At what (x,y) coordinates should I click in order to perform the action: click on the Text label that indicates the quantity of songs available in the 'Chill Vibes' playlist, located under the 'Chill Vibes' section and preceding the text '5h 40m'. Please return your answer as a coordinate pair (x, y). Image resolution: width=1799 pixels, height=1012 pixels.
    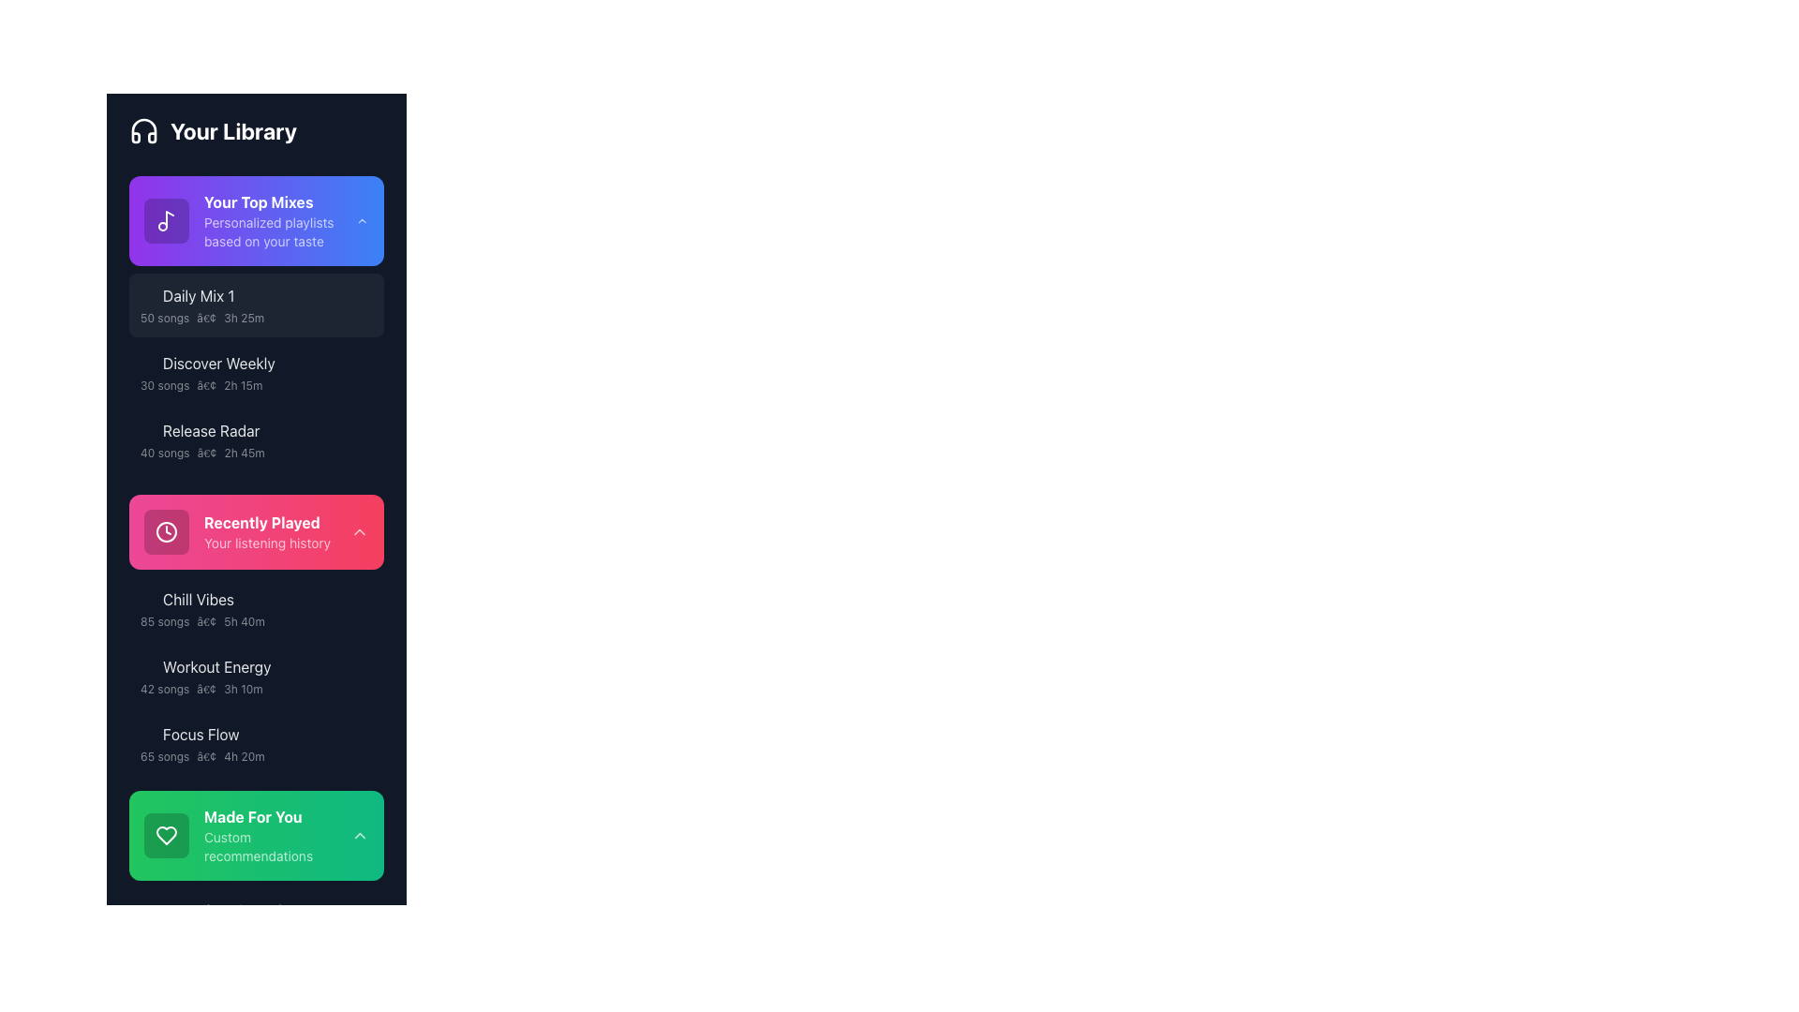
    Looking at the image, I should click on (165, 621).